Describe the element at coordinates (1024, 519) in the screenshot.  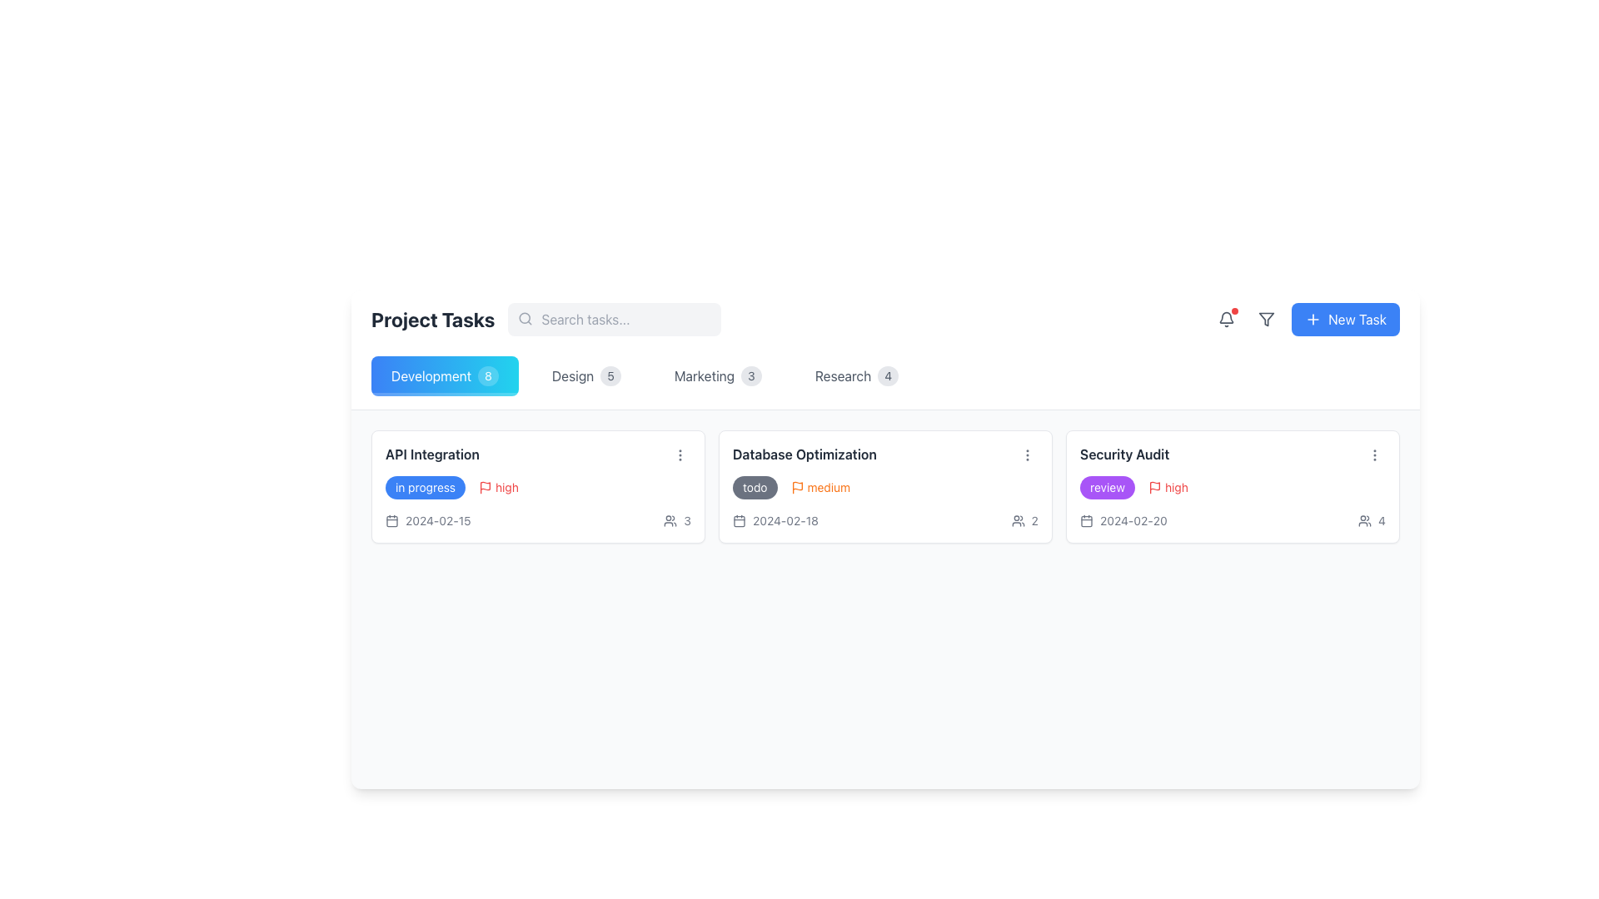
I see `the Icon and Text Pair depicting two user figures followed by the number '2' located in the bottom-right corner of the 'Database Optimization' card` at that location.